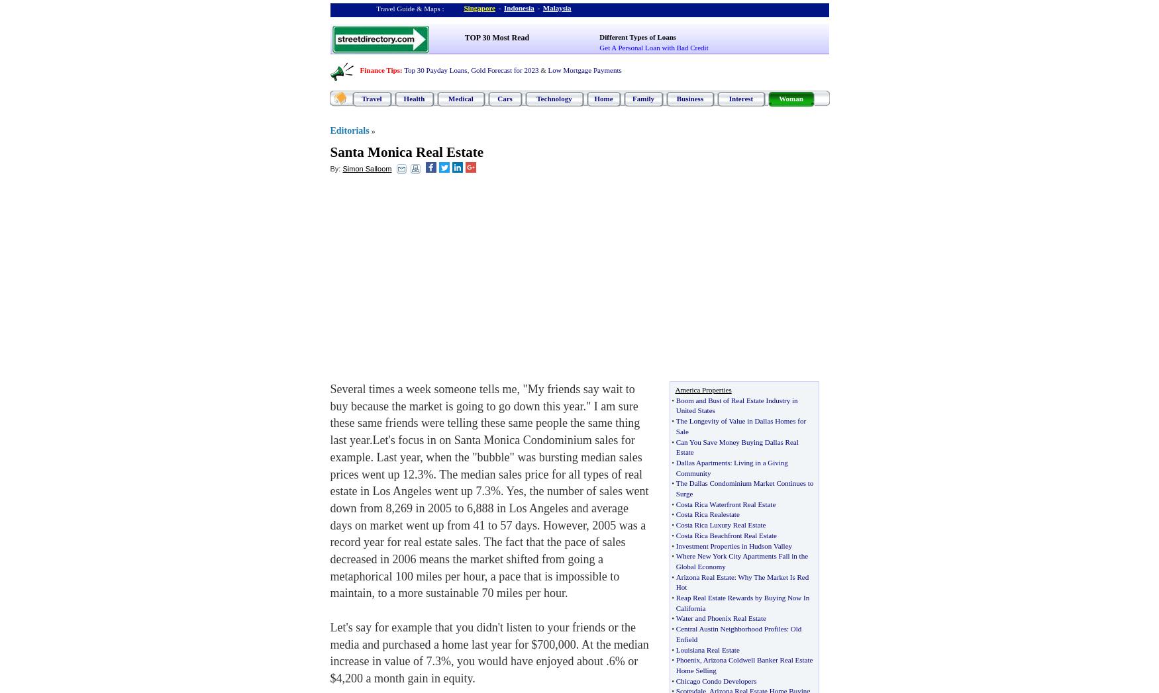 The width and height of the screenshot is (1159, 693). Describe the element at coordinates (638, 37) in the screenshot. I see `'Different Types of Loans'` at that location.